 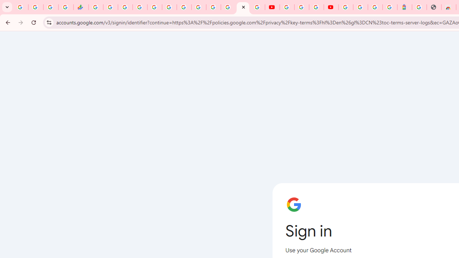 What do you see at coordinates (331, 7) in the screenshot?
I see `'Content Creator Programs & Opportunities - YouTube Creators'` at bounding box center [331, 7].